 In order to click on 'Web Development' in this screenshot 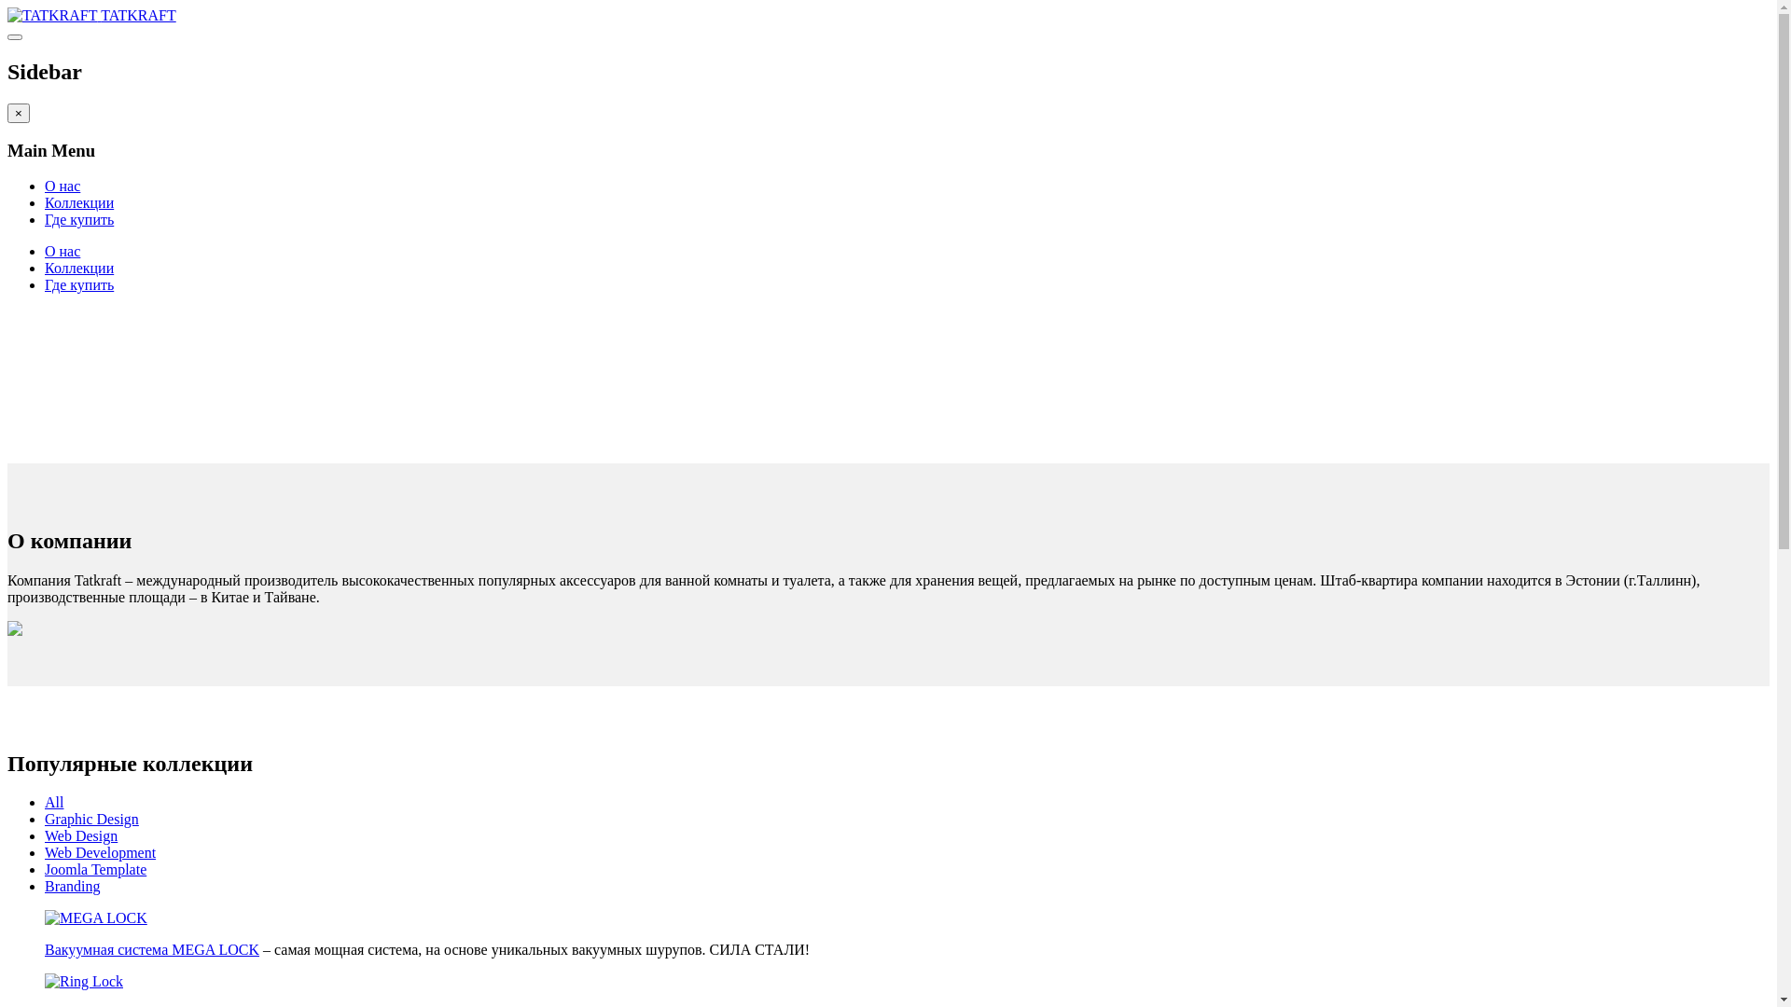, I will do `click(99, 852)`.